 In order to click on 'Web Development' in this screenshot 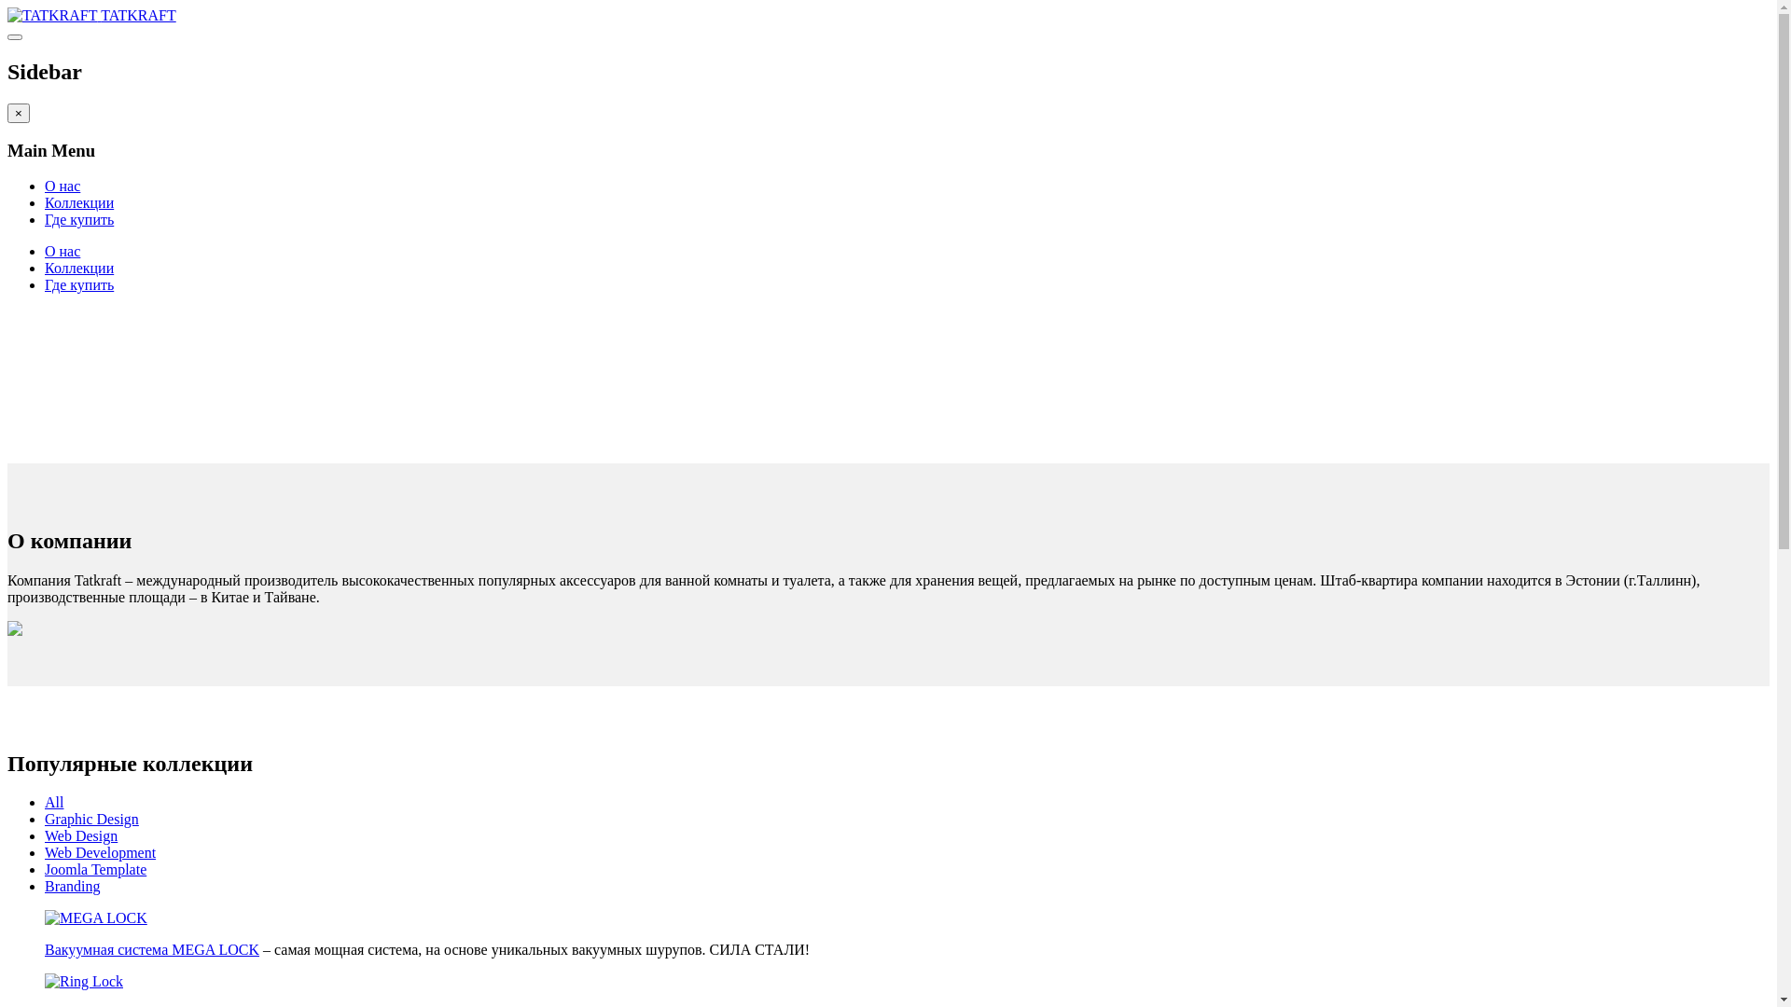, I will do `click(99, 852)`.